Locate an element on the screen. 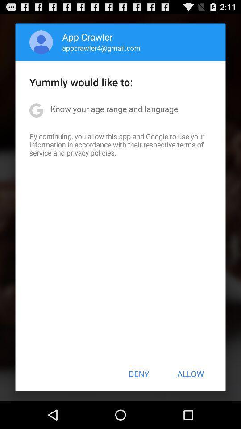 The width and height of the screenshot is (241, 429). the icon to the left of allow button is located at coordinates (139, 374).